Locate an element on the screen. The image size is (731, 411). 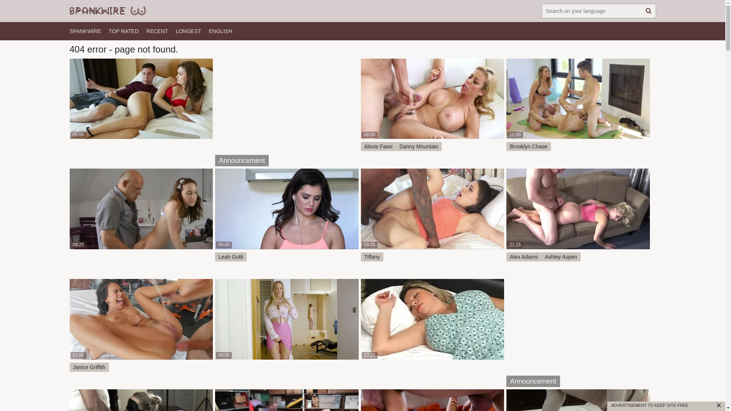
'Danny Mountain' is located at coordinates (396, 147).